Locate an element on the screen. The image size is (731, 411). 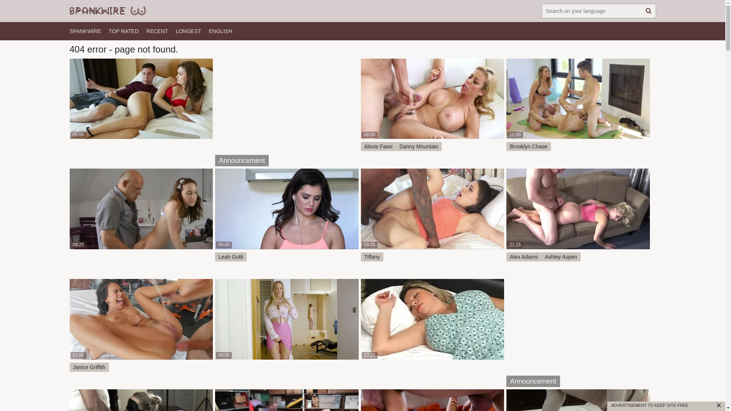
'Danny Mountain' is located at coordinates (396, 147).